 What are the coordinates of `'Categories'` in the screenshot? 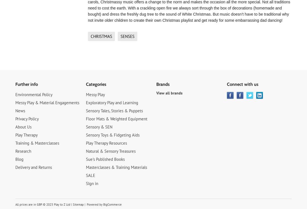 It's located at (95, 84).